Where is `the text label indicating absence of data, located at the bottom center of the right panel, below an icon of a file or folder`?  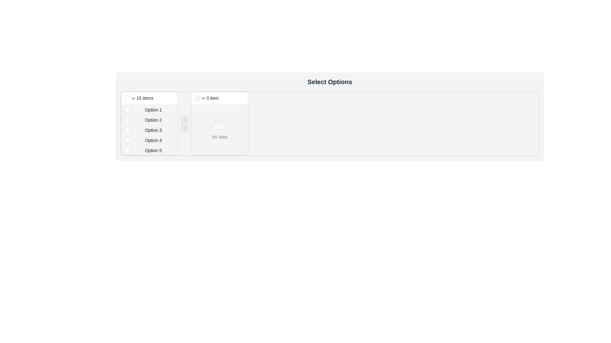
the text label indicating absence of data, located at the bottom center of the right panel, below an icon of a file or folder is located at coordinates (220, 136).